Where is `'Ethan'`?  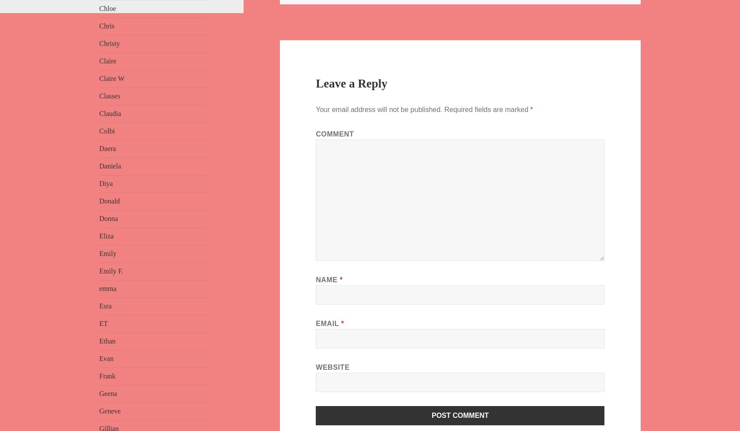
'Ethan' is located at coordinates (99, 341).